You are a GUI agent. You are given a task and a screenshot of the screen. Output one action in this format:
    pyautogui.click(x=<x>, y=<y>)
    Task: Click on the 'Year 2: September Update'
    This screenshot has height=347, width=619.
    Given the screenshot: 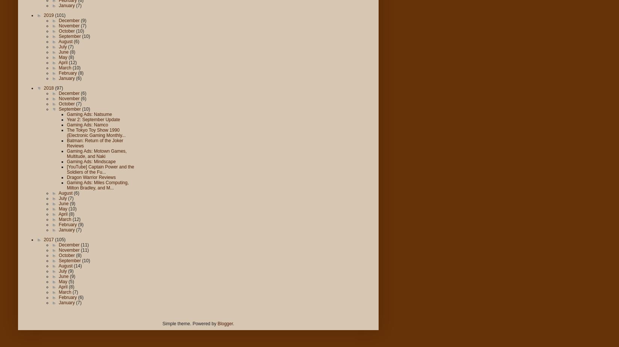 What is the action you would take?
    pyautogui.click(x=93, y=119)
    